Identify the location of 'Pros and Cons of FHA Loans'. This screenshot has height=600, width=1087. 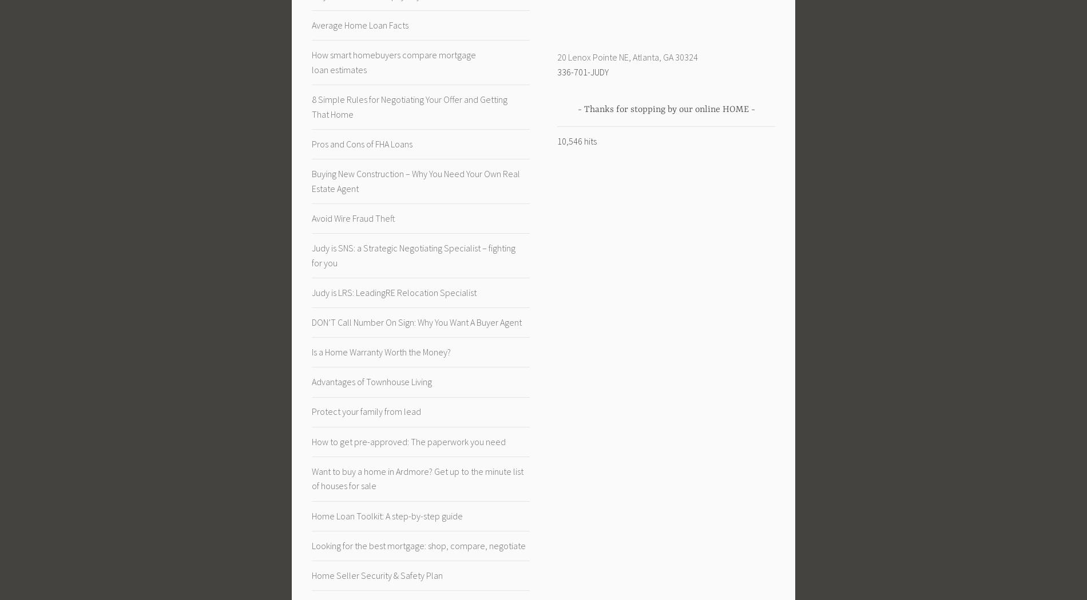
(362, 143).